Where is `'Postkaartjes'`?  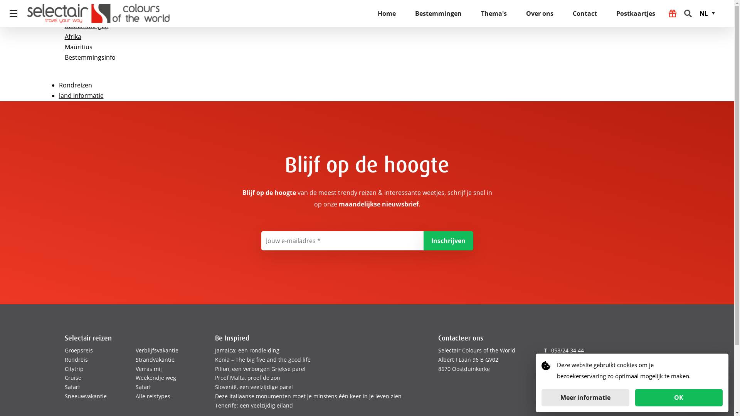
'Postkaartjes' is located at coordinates (636, 13).